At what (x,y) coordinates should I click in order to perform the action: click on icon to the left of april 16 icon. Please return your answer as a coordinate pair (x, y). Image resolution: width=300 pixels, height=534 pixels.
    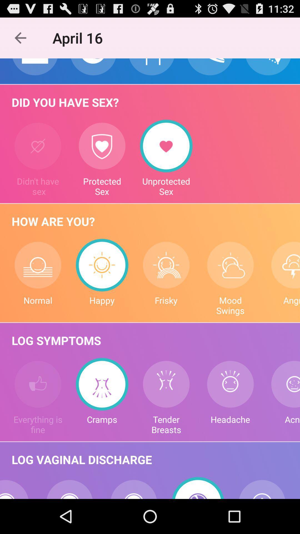
    Looking at the image, I should click on (20, 38).